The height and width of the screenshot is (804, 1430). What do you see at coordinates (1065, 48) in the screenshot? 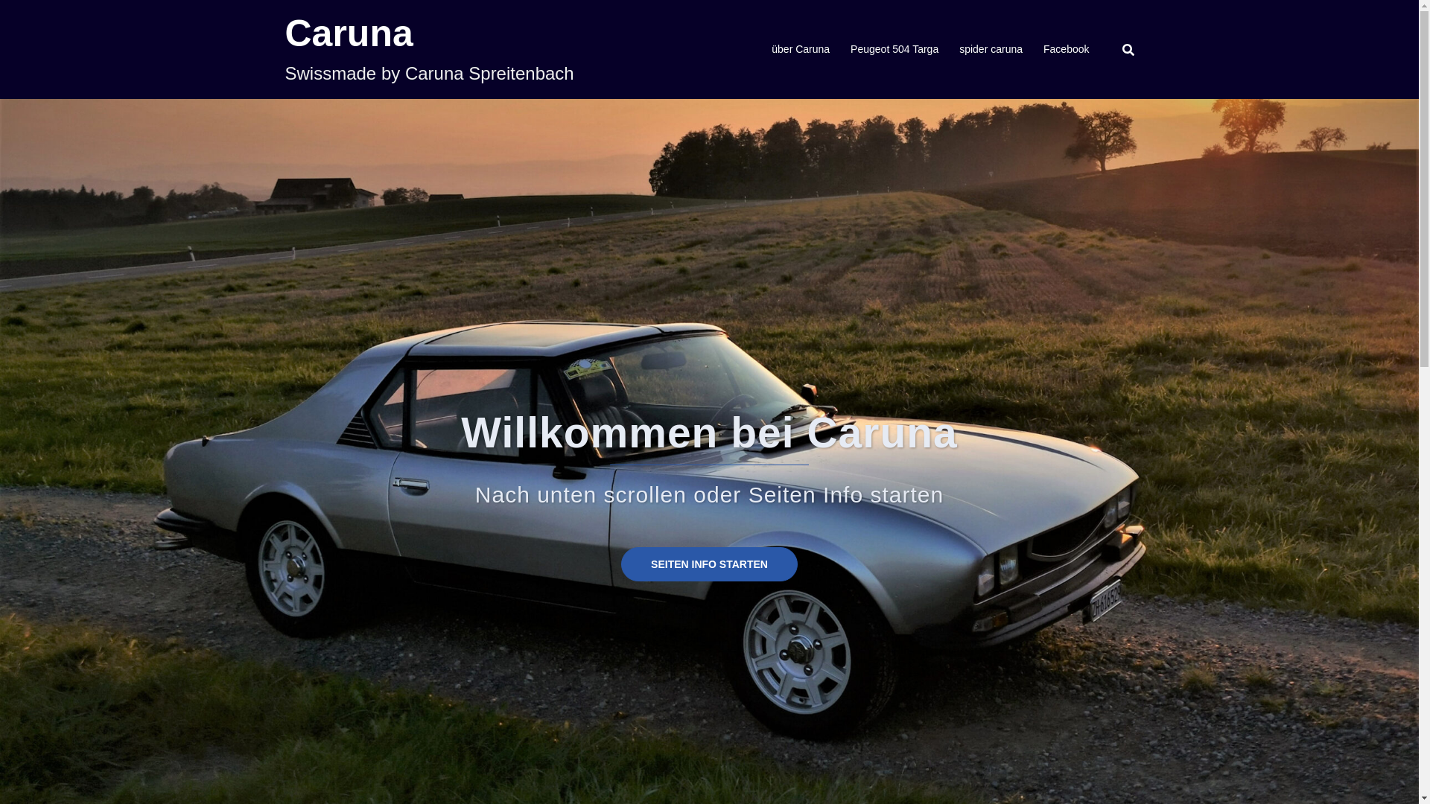
I see `'Facebook'` at bounding box center [1065, 48].